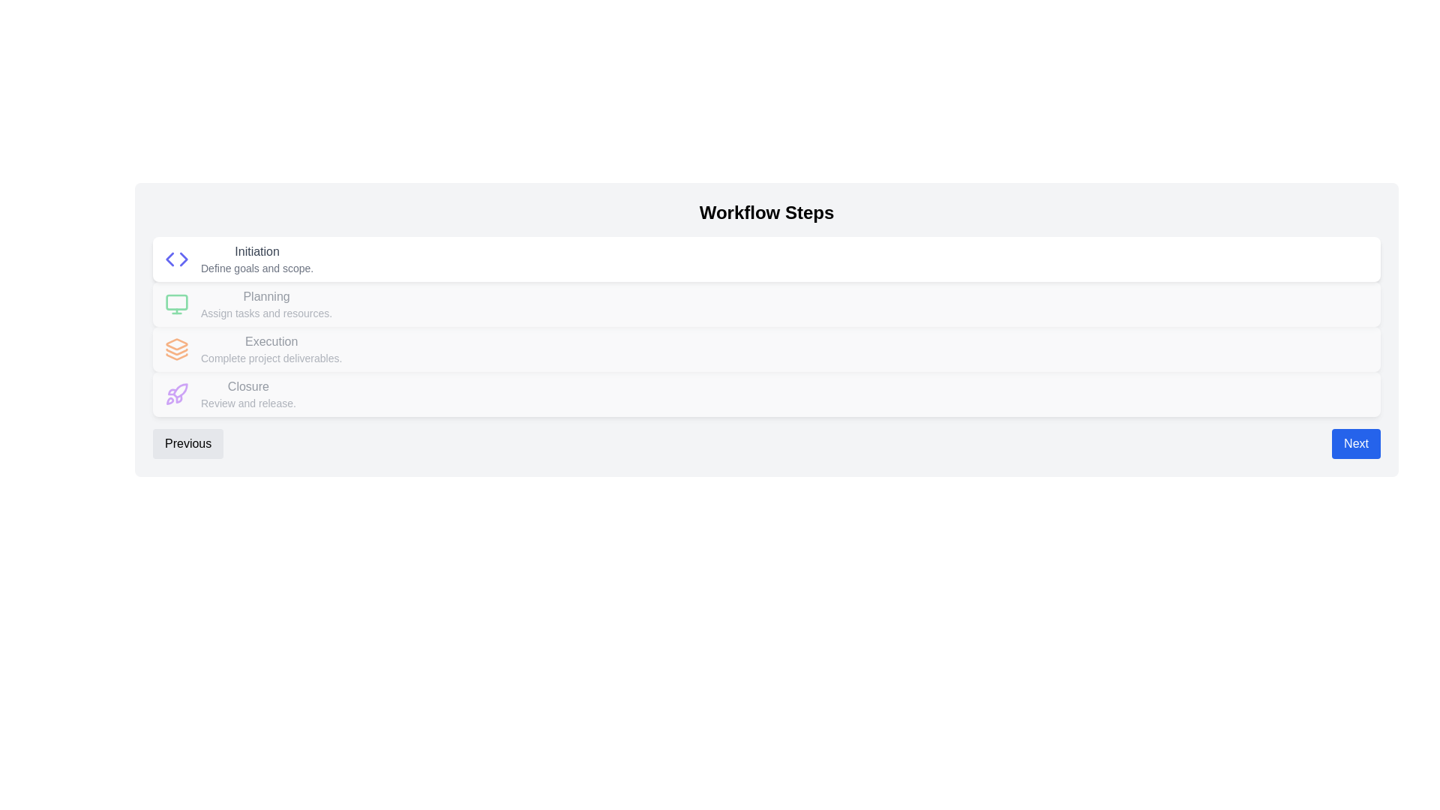  I want to click on the green monitor icon located in the second row adjacent to the text 'Planning', so click(176, 304).